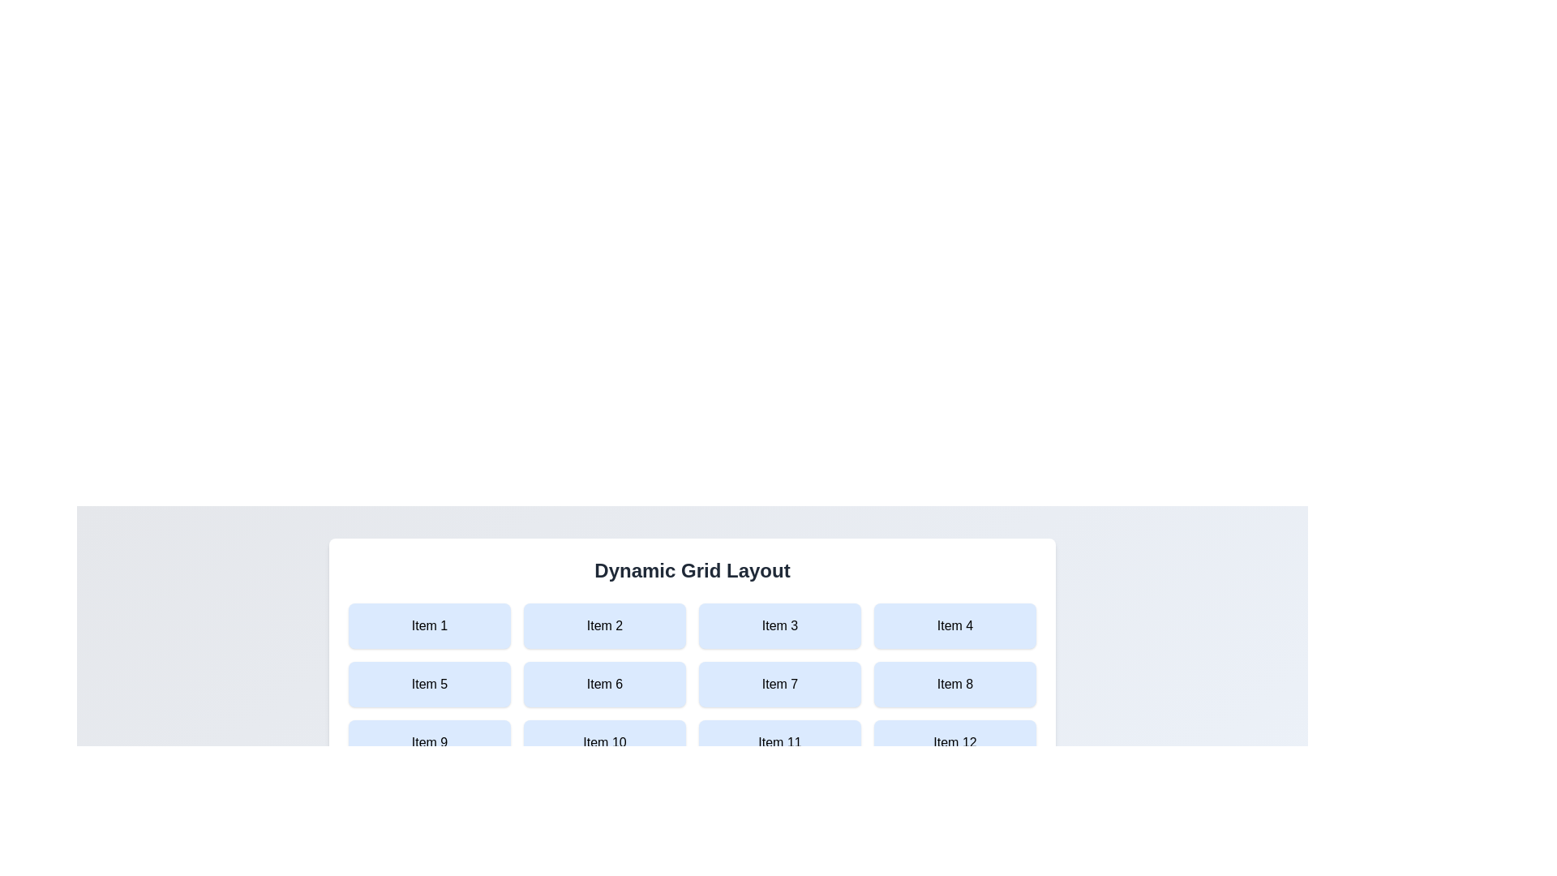 The image size is (1557, 876). Describe the element at coordinates (429, 742) in the screenshot. I see `the button labeled 'Item 9' in the grid layout under 'Dynamic Grid Layout'` at that location.